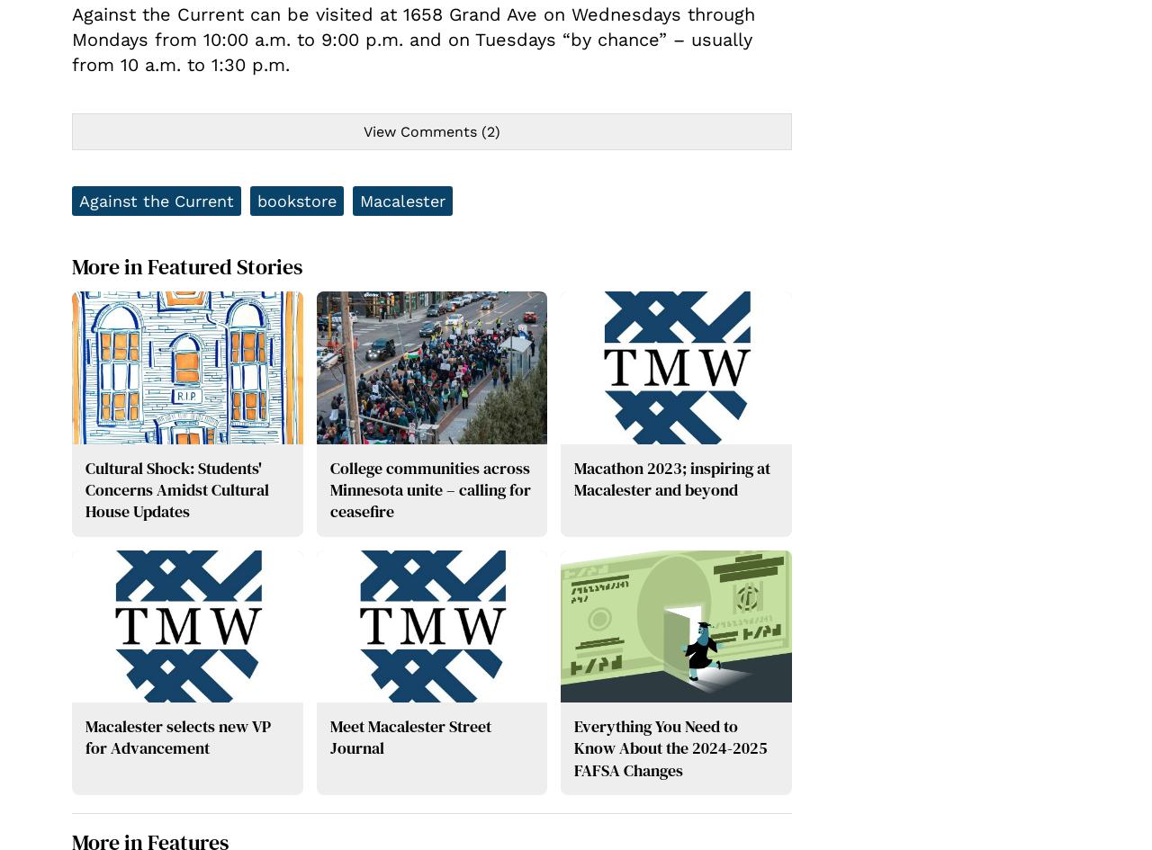  Describe the element at coordinates (156, 200) in the screenshot. I see `'Against the Current'` at that location.